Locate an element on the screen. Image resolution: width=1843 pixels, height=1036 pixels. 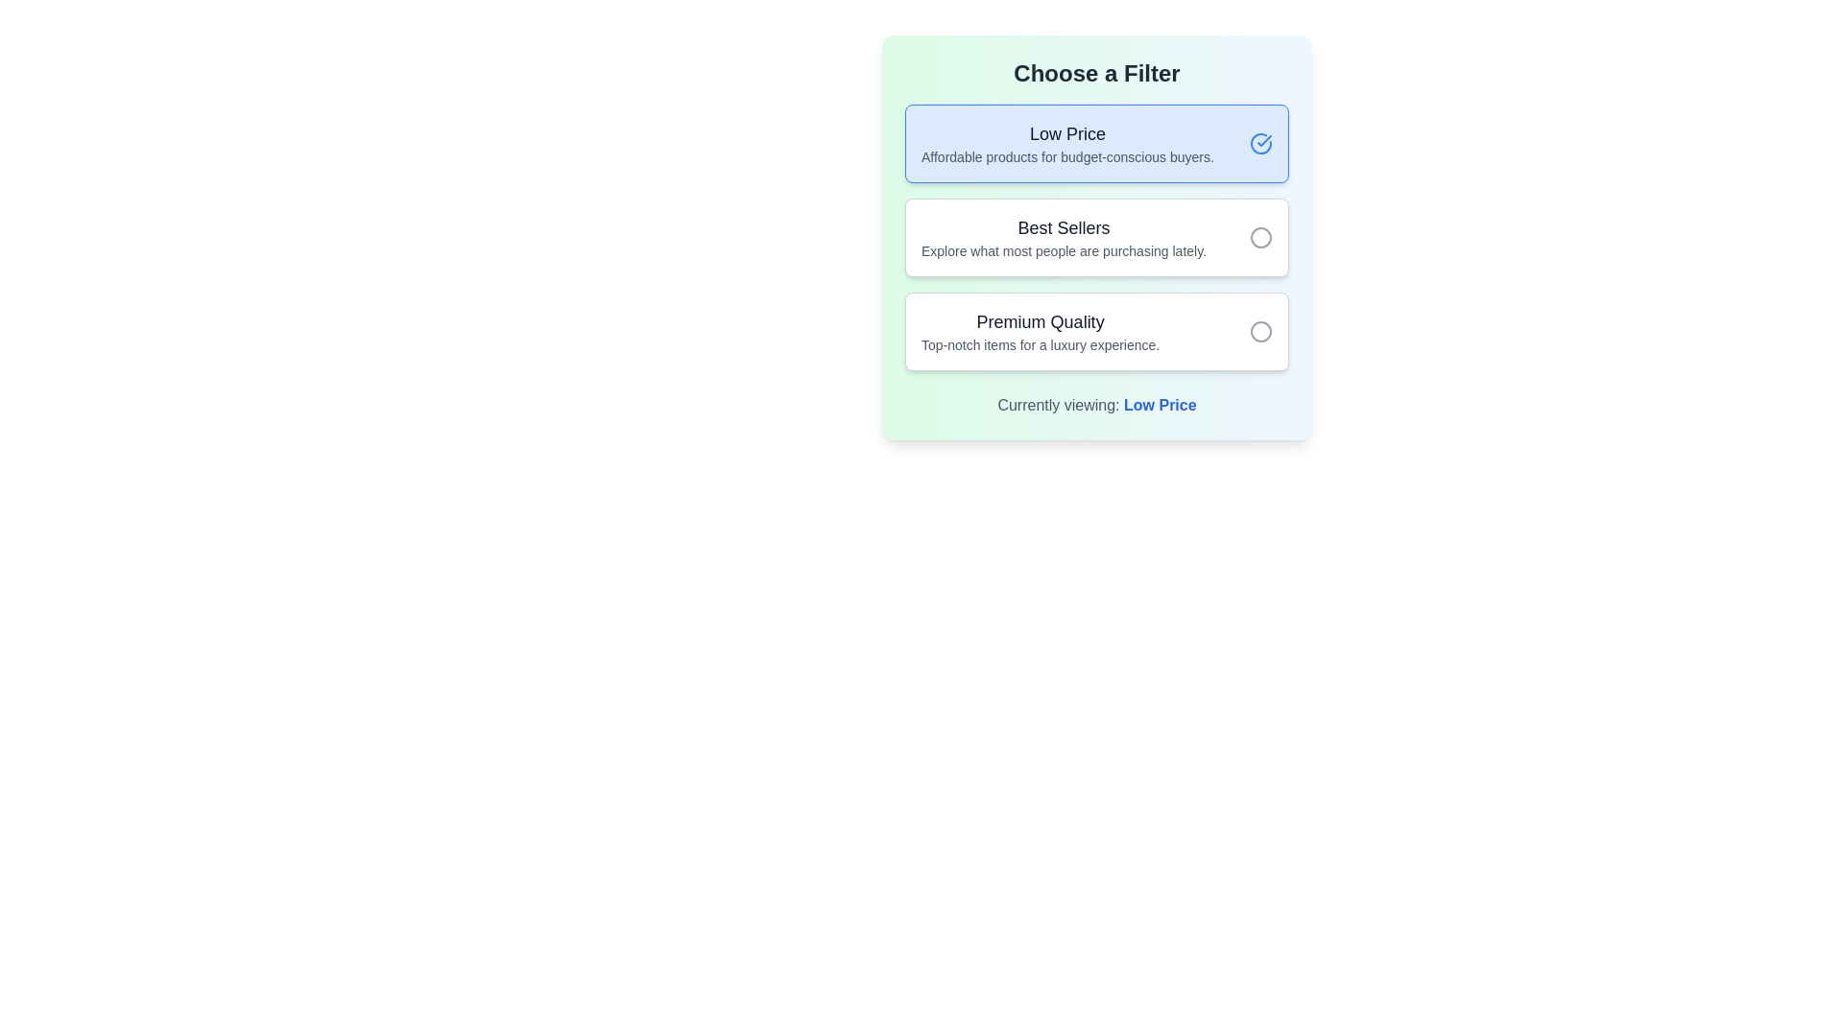
the static text 'Premium Quality' which is styled in a medium bold font and positioned in the third card of filter options, located between 'Best Sellers' and a description is located at coordinates (1040, 320).